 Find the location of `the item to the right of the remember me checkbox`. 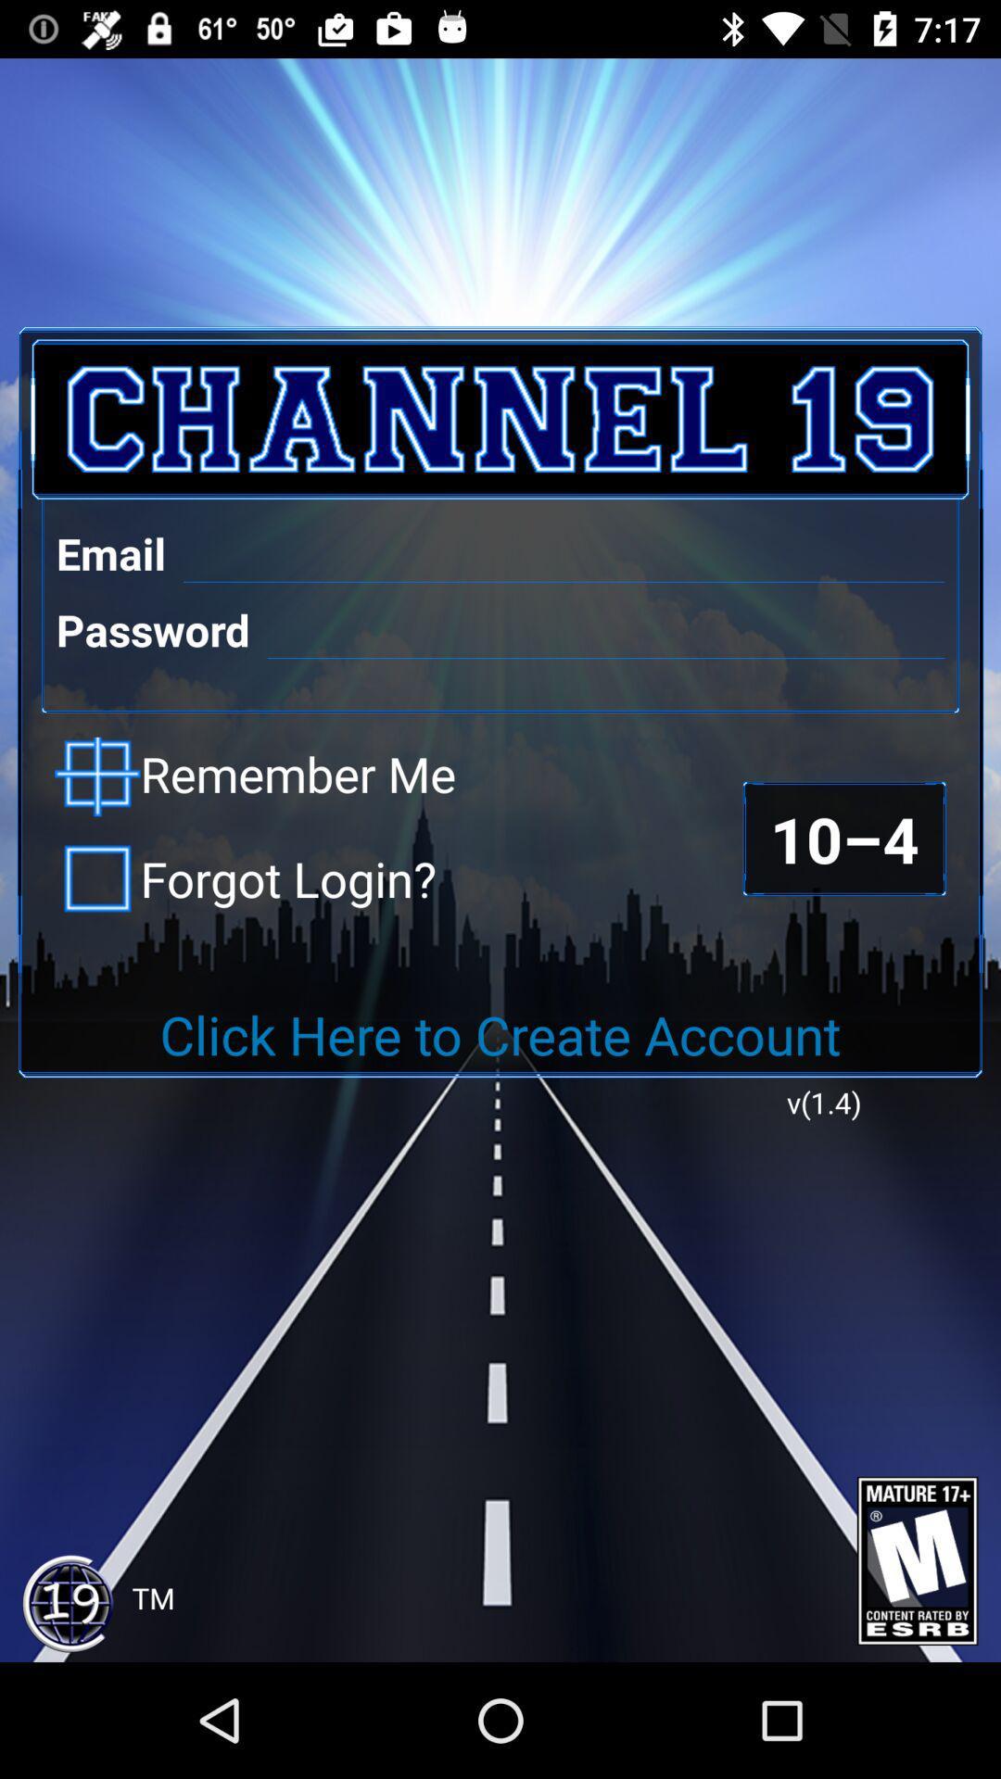

the item to the right of the remember me checkbox is located at coordinates (844, 838).